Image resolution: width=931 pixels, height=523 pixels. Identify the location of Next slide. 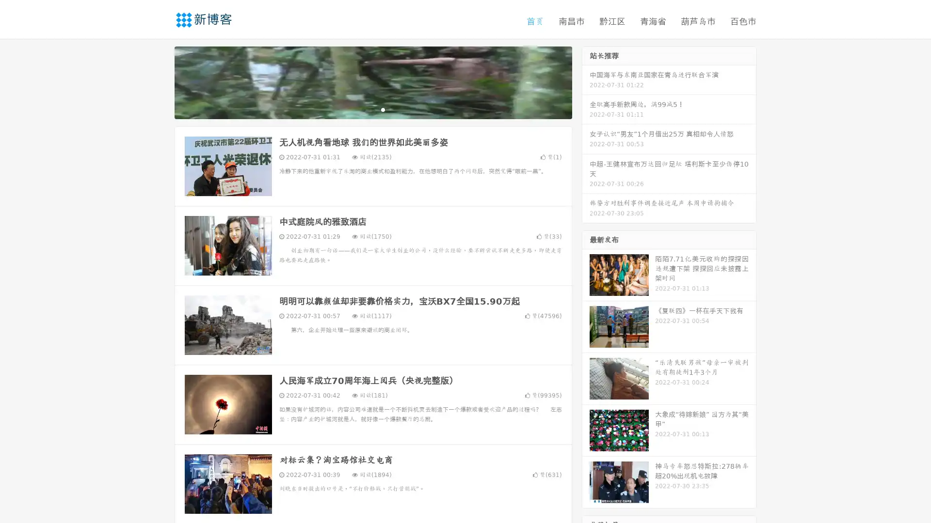
(586, 81).